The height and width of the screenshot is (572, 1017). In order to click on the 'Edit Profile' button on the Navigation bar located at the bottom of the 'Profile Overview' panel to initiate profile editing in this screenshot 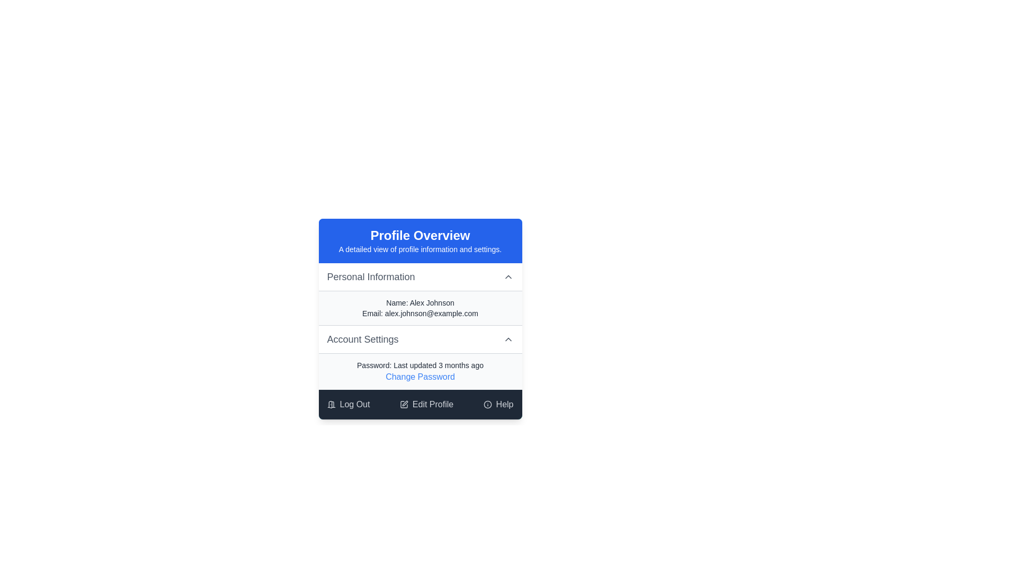, I will do `click(420, 404)`.